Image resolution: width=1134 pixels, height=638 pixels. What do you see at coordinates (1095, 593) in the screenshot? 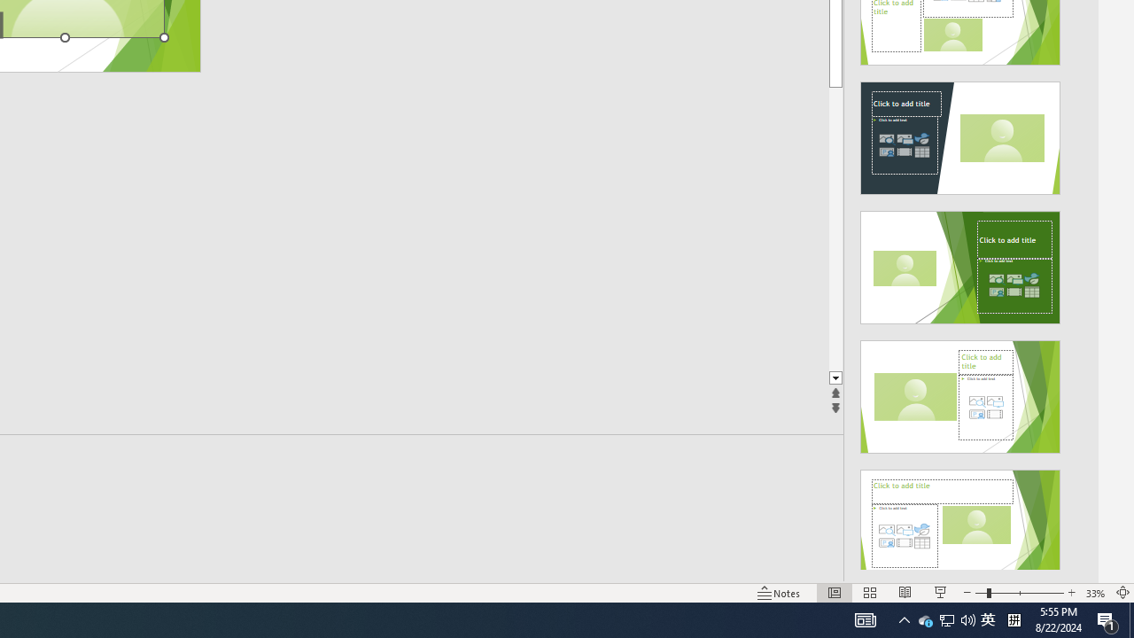
I see `'Zoom 33%'` at bounding box center [1095, 593].